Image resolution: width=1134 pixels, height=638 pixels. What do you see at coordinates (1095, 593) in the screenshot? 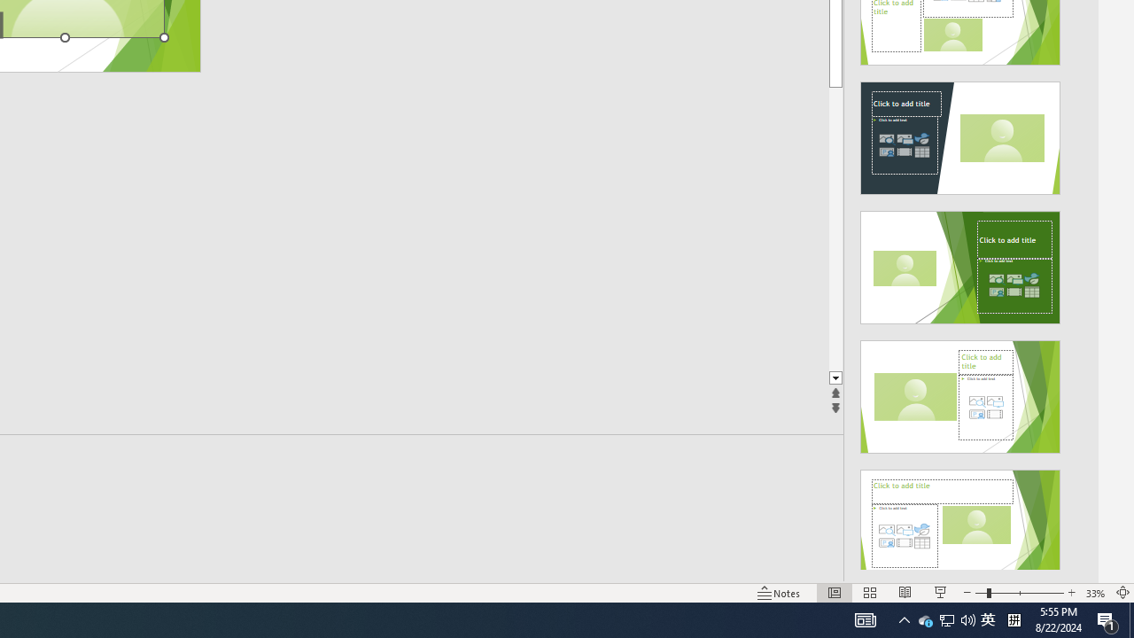
I see `'Zoom 33%'` at bounding box center [1095, 593].